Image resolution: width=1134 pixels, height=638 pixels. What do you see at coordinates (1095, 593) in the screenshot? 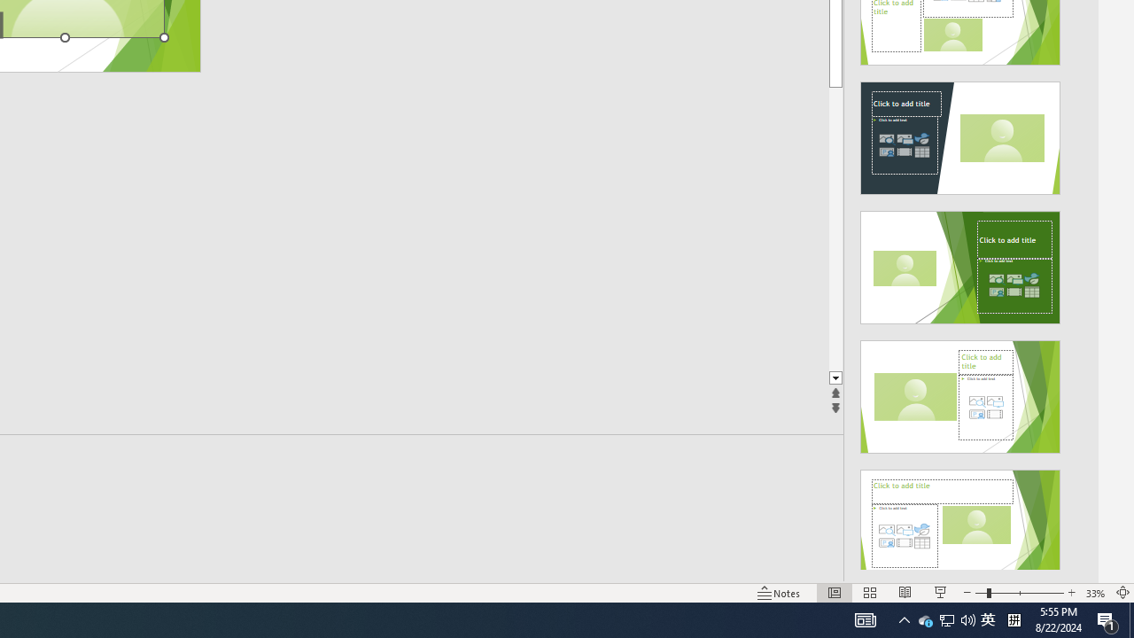
I see `'Zoom 33%'` at bounding box center [1095, 593].